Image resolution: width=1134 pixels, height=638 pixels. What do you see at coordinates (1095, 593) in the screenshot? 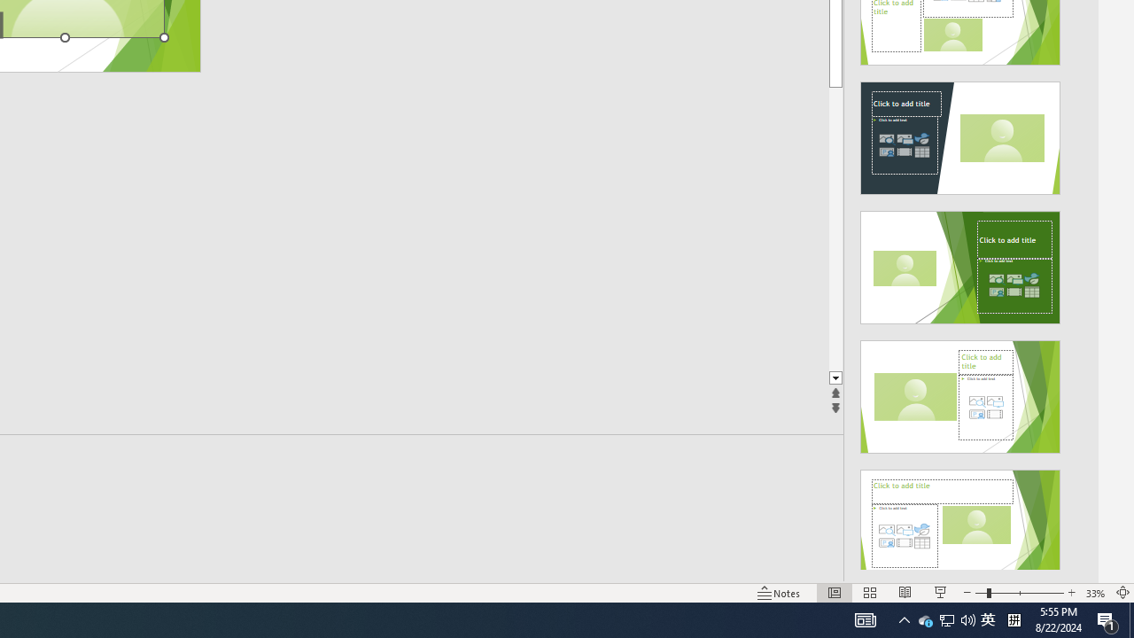
I see `'Zoom 33%'` at bounding box center [1095, 593].